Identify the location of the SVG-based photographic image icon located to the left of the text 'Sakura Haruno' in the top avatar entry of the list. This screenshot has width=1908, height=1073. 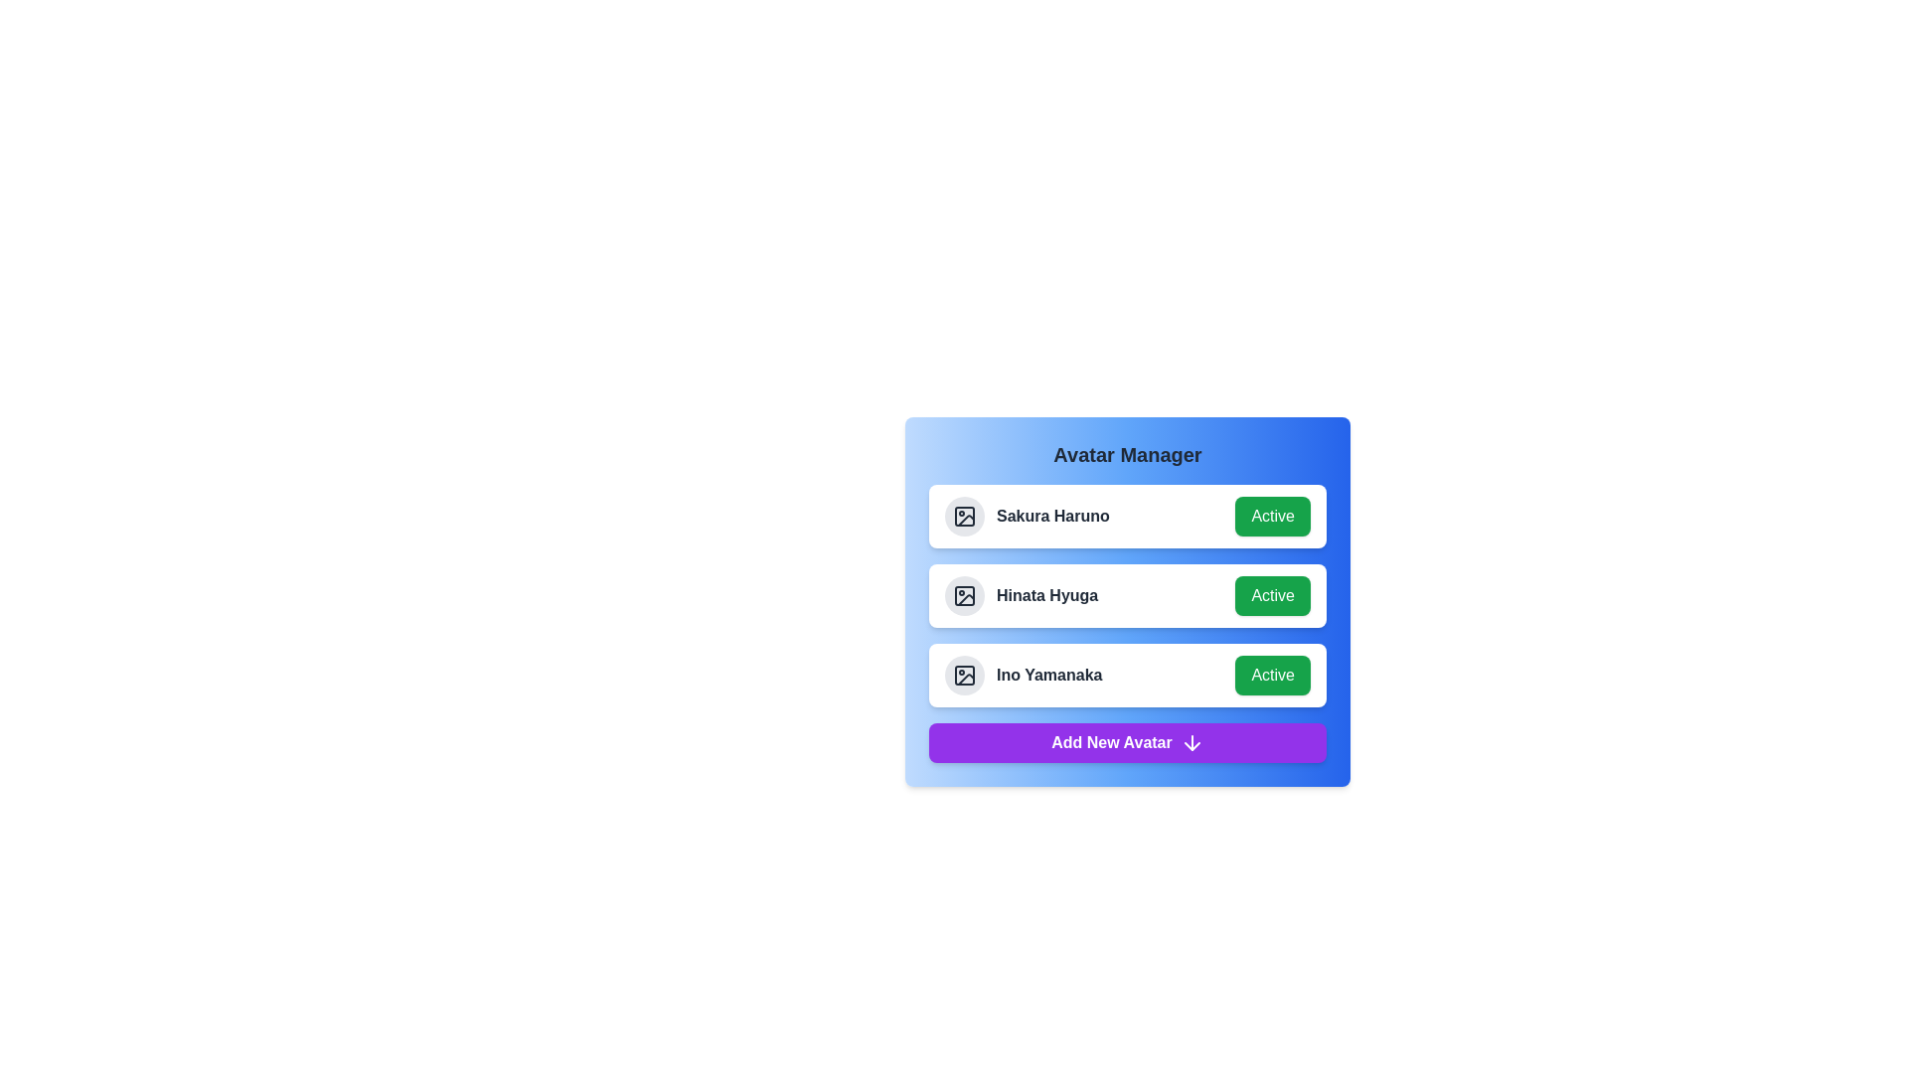
(964, 516).